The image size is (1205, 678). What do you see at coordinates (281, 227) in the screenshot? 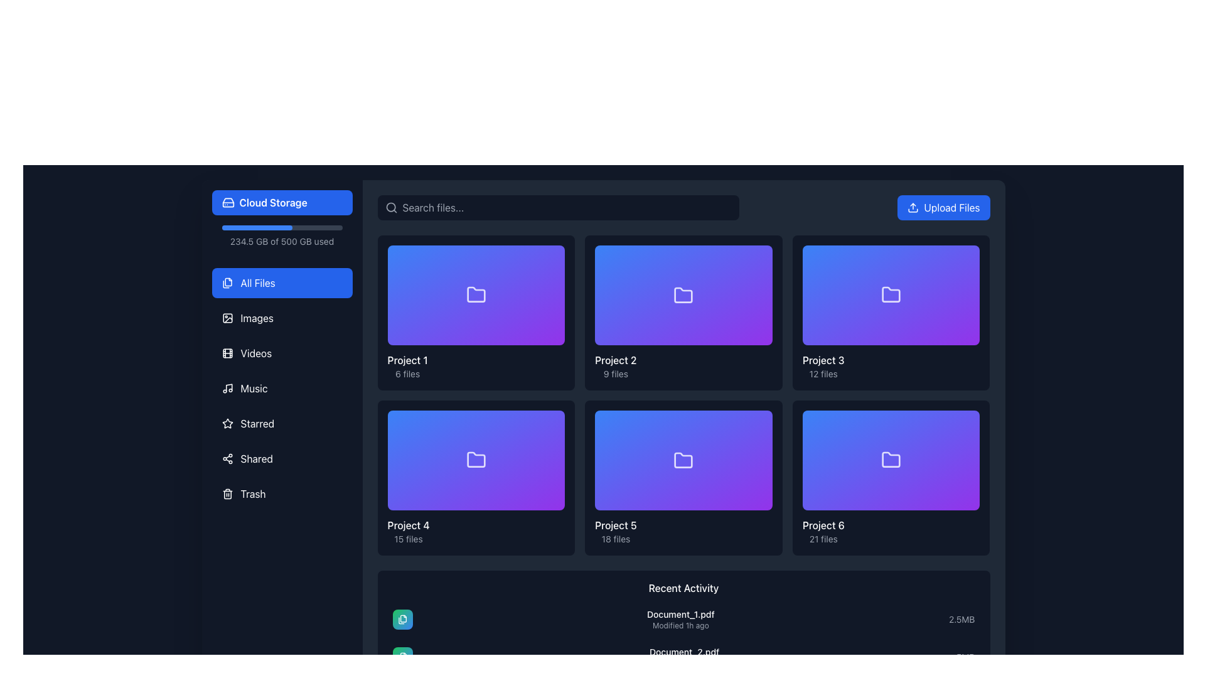
I see `the thin progress bar with a gray background and a partially filled blue segment, located below the 'Cloud Storage' title and above the '234.5 GB of 500 GB used' text` at bounding box center [281, 227].